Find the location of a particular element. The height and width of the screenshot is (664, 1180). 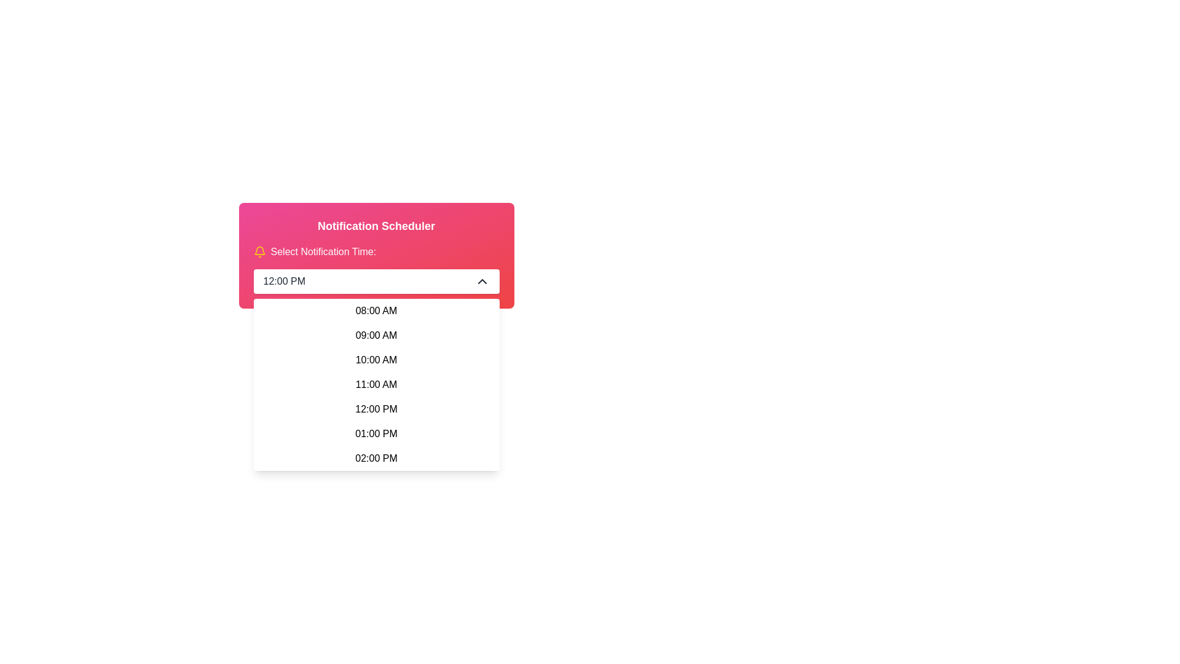

the list item displaying '01:00 PM' is located at coordinates (376, 433).